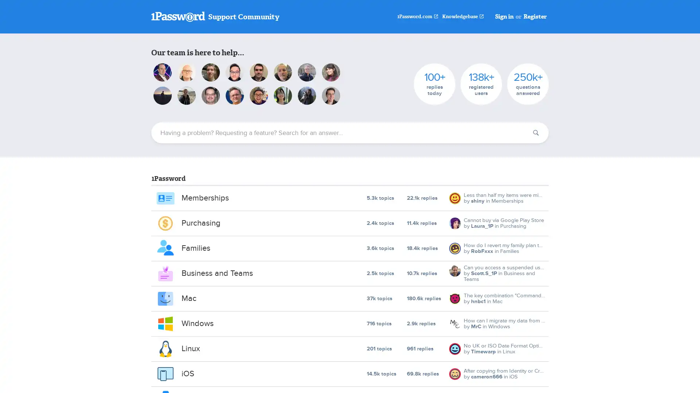 The height and width of the screenshot is (393, 700). What do you see at coordinates (536, 133) in the screenshot?
I see `Go` at bounding box center [536, 133].